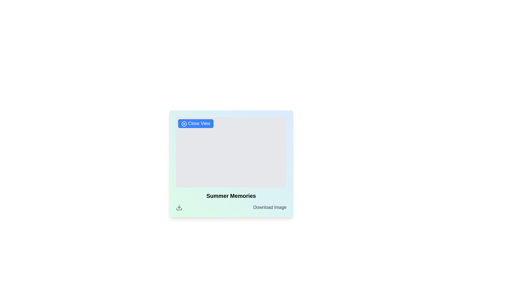 The height and width of the screenshot is (298, 531). What do you see at coordinates (184, 123) in the screenshot?
I see `the close icon located to the left of the 'Close View' button` at bounding box center [184, 123].